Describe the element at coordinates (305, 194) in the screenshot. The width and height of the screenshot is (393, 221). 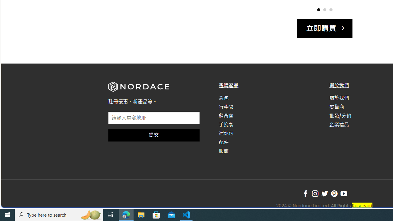
I see `'Follow on Facebook'` at that location.